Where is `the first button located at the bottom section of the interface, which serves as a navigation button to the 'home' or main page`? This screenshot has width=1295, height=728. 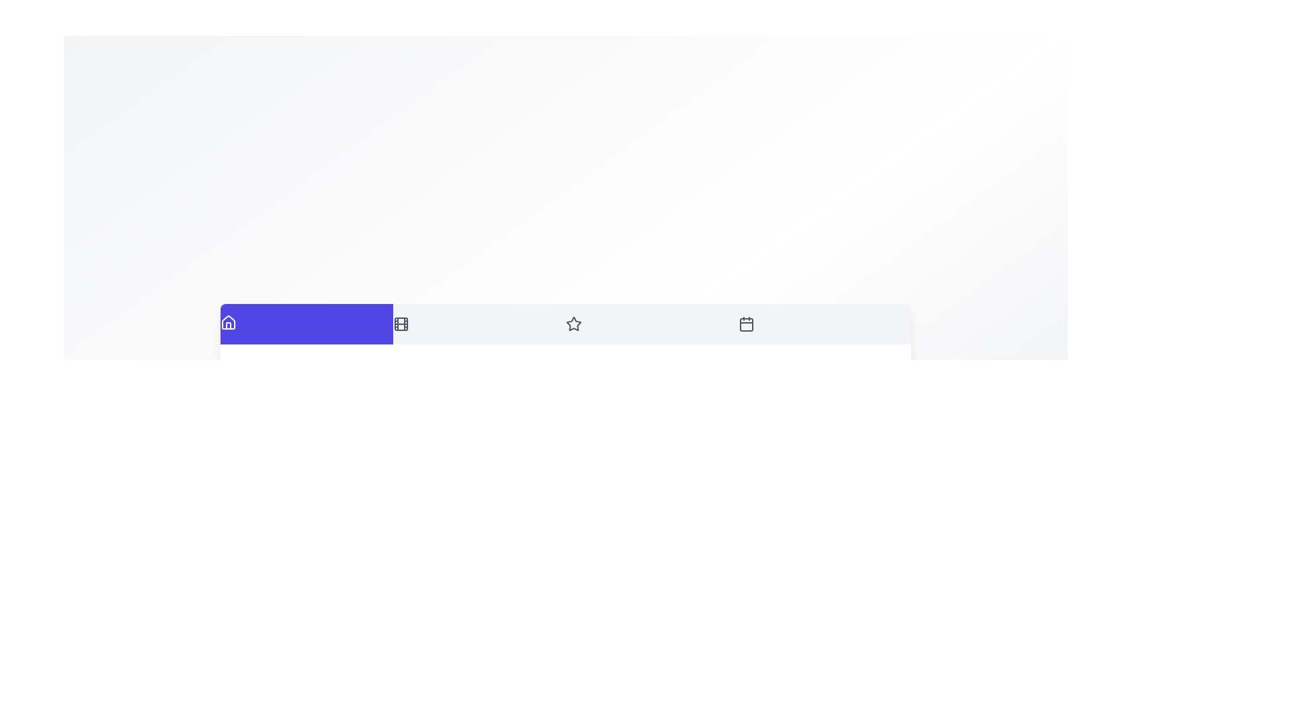
the first button located at the bottom section of the interface, which serves as a navigation button to the 'home' or main page is located at coordinates (306, 323).